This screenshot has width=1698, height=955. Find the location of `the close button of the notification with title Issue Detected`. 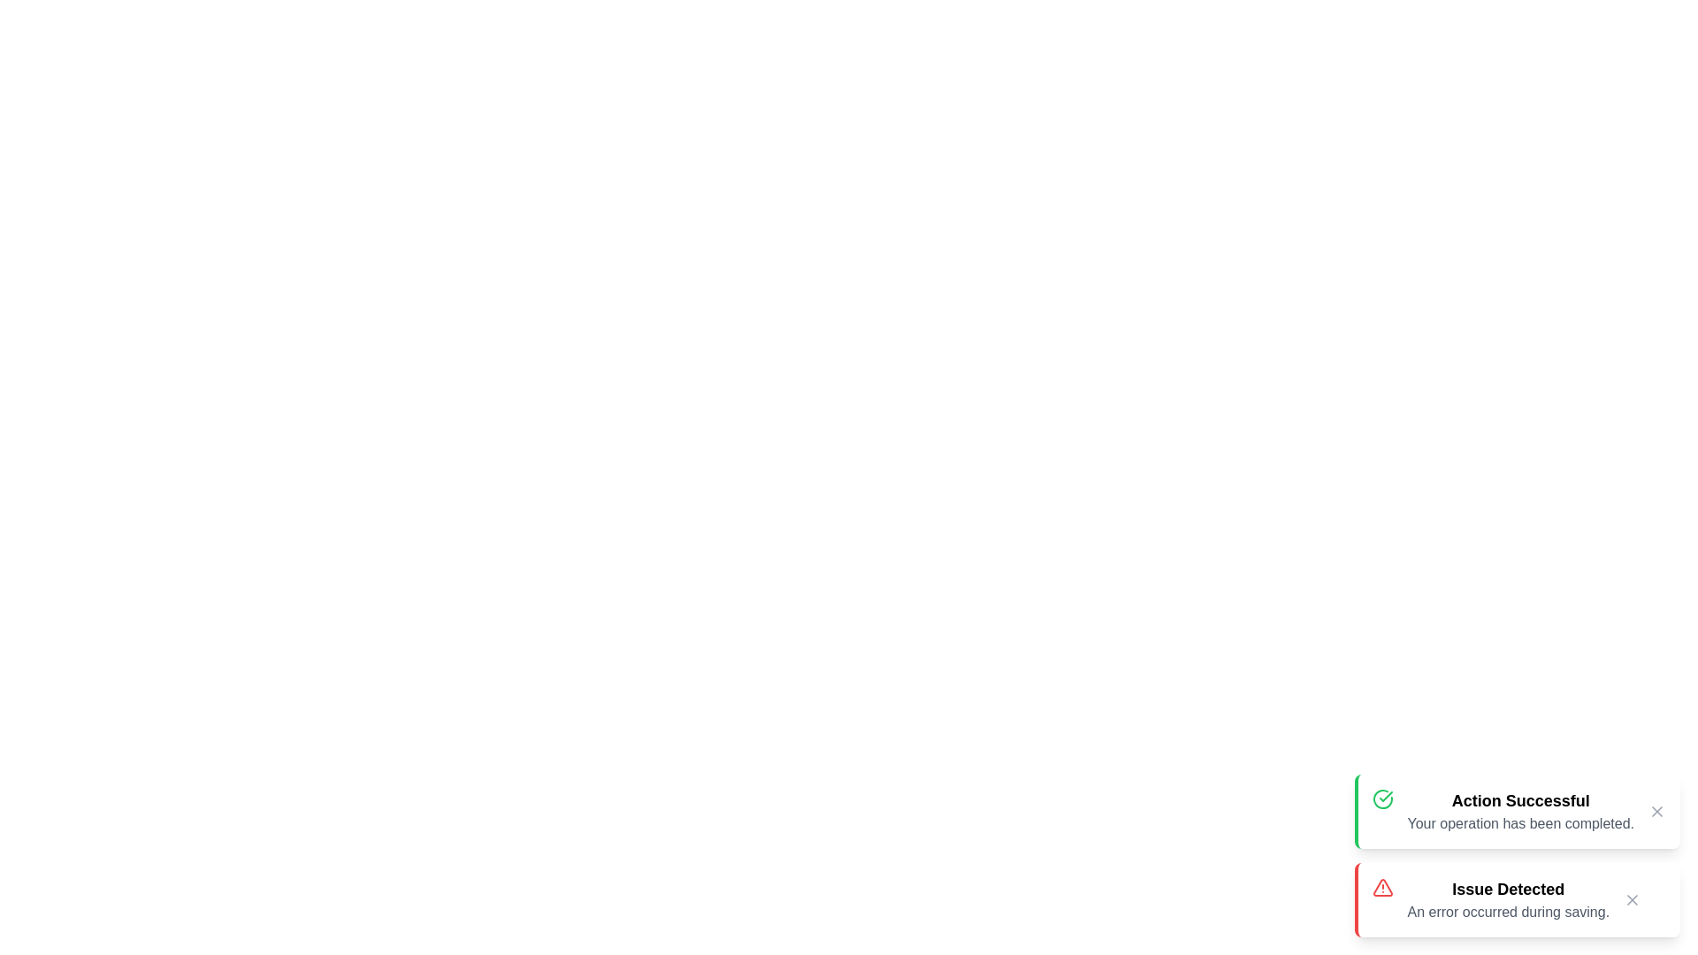

the close button of the notification with title Issue Detected is located at coordinates (1632, 900).